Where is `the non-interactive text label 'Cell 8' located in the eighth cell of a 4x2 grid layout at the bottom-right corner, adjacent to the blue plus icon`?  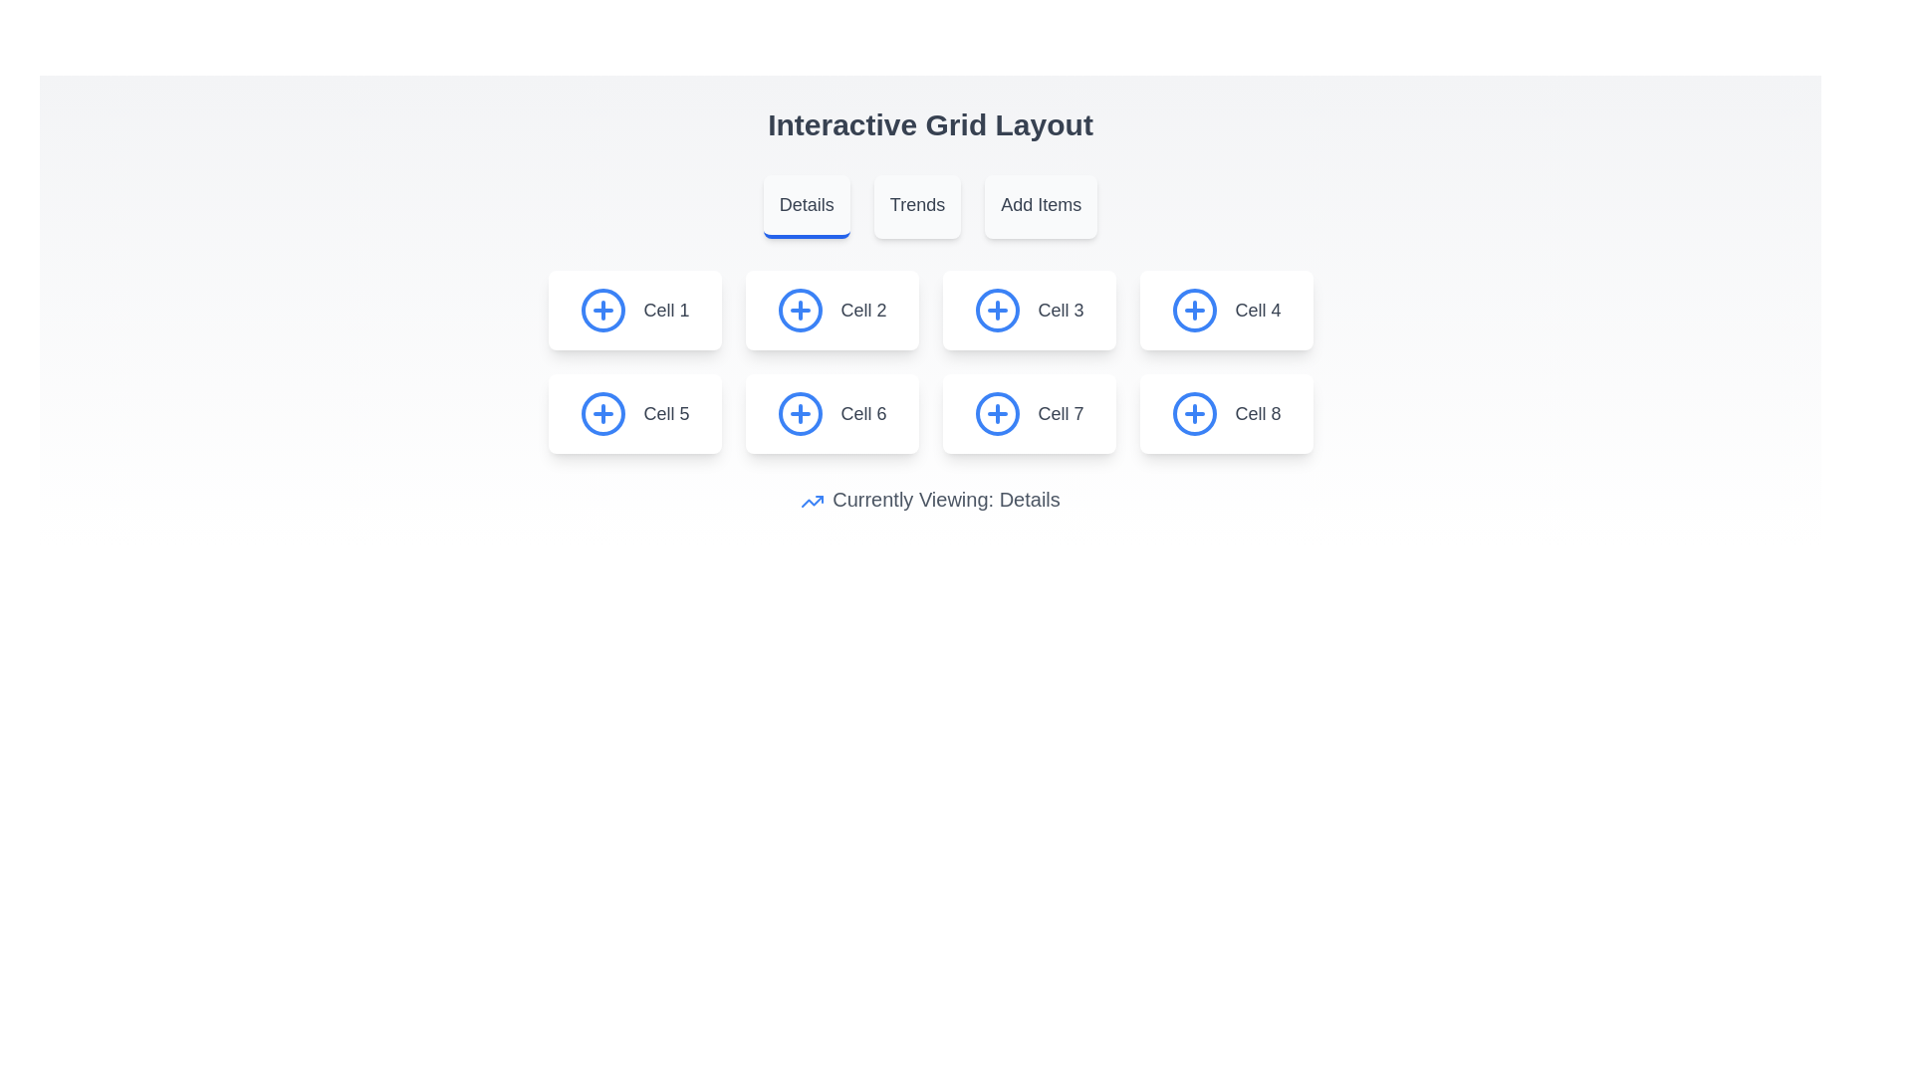 the non-interactive text label 'Cell 8' located in the eighth cell of a 4x2 grid layout at the bottom-right corner, adjacent to the blue plus icon is located at coordinates (1257, 413).